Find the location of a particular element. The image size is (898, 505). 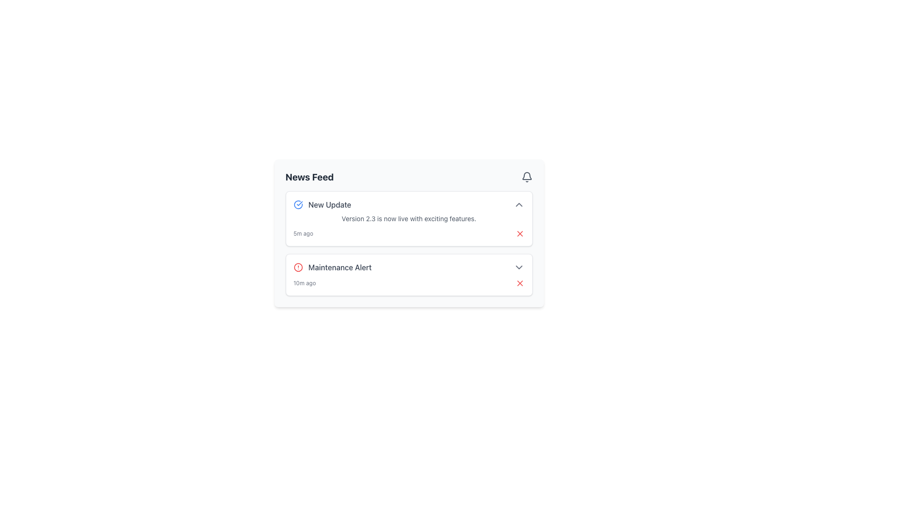

timing information displayed as '5m ago' in the compound UI component located in the bottom part of the 'New Update' box in the 'News Feed' interface is located at coordinates (409, 233).